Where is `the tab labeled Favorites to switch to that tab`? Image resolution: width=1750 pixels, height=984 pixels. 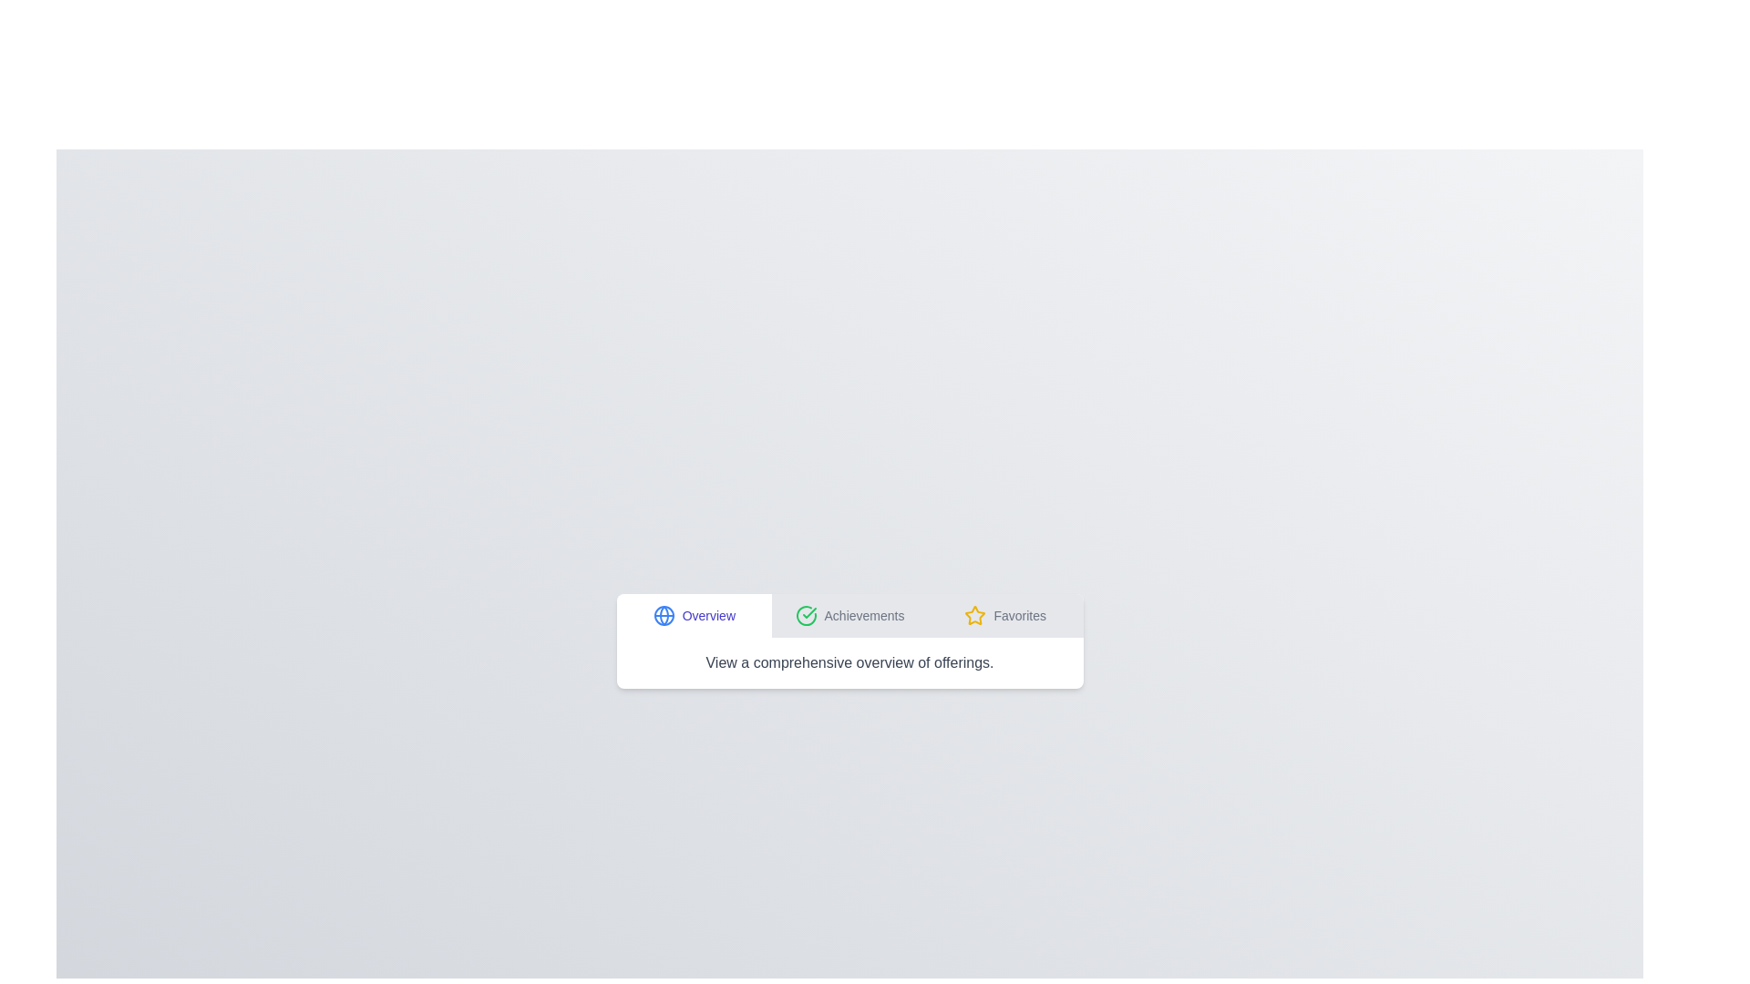
the tab labeled Favorites to switch to that tab is located at coordinates (1004, 615).